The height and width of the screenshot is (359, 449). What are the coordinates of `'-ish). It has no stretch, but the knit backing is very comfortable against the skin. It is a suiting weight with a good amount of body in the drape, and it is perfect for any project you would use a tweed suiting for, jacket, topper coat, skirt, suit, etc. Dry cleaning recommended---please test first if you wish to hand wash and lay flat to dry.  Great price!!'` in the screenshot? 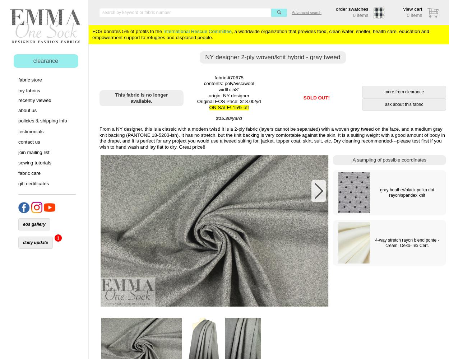 It's located at (272, 141).